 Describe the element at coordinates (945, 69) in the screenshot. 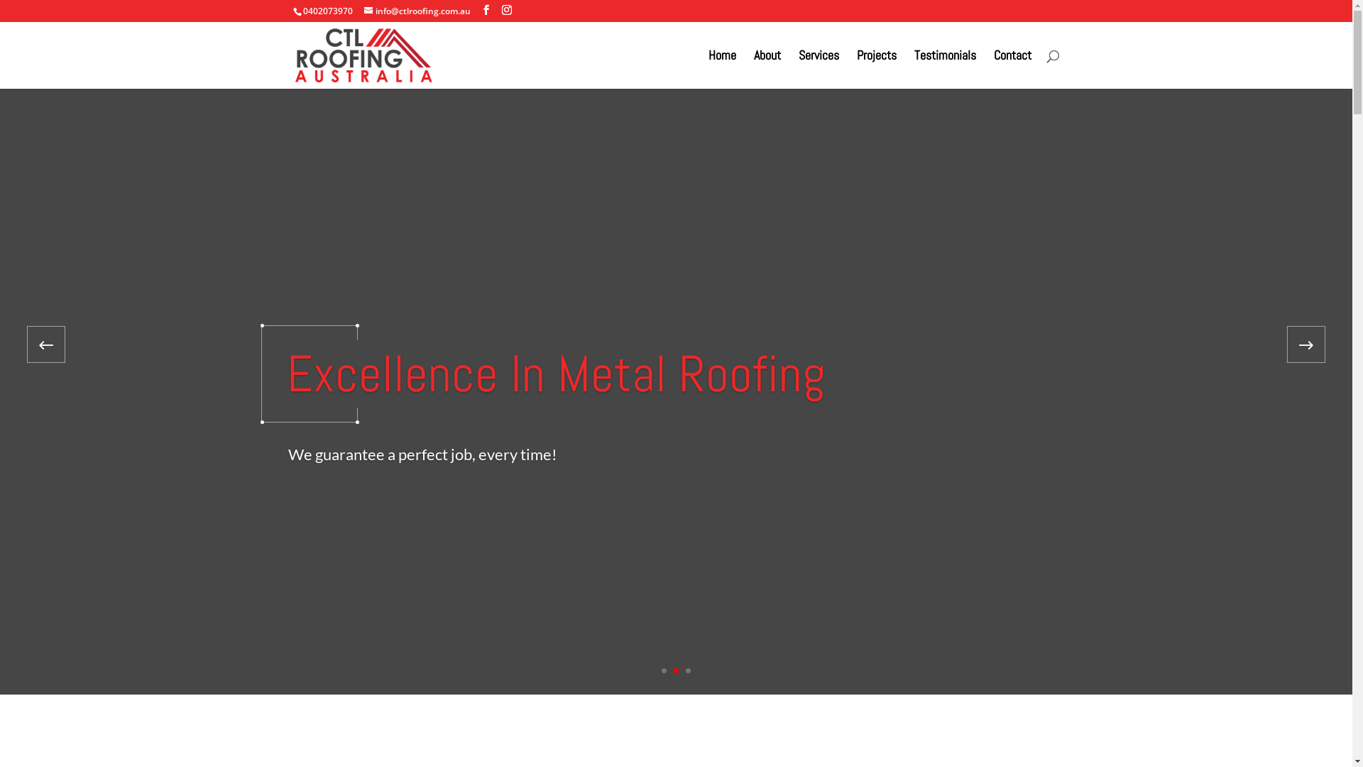

I see `'Testimonials'` at that location.